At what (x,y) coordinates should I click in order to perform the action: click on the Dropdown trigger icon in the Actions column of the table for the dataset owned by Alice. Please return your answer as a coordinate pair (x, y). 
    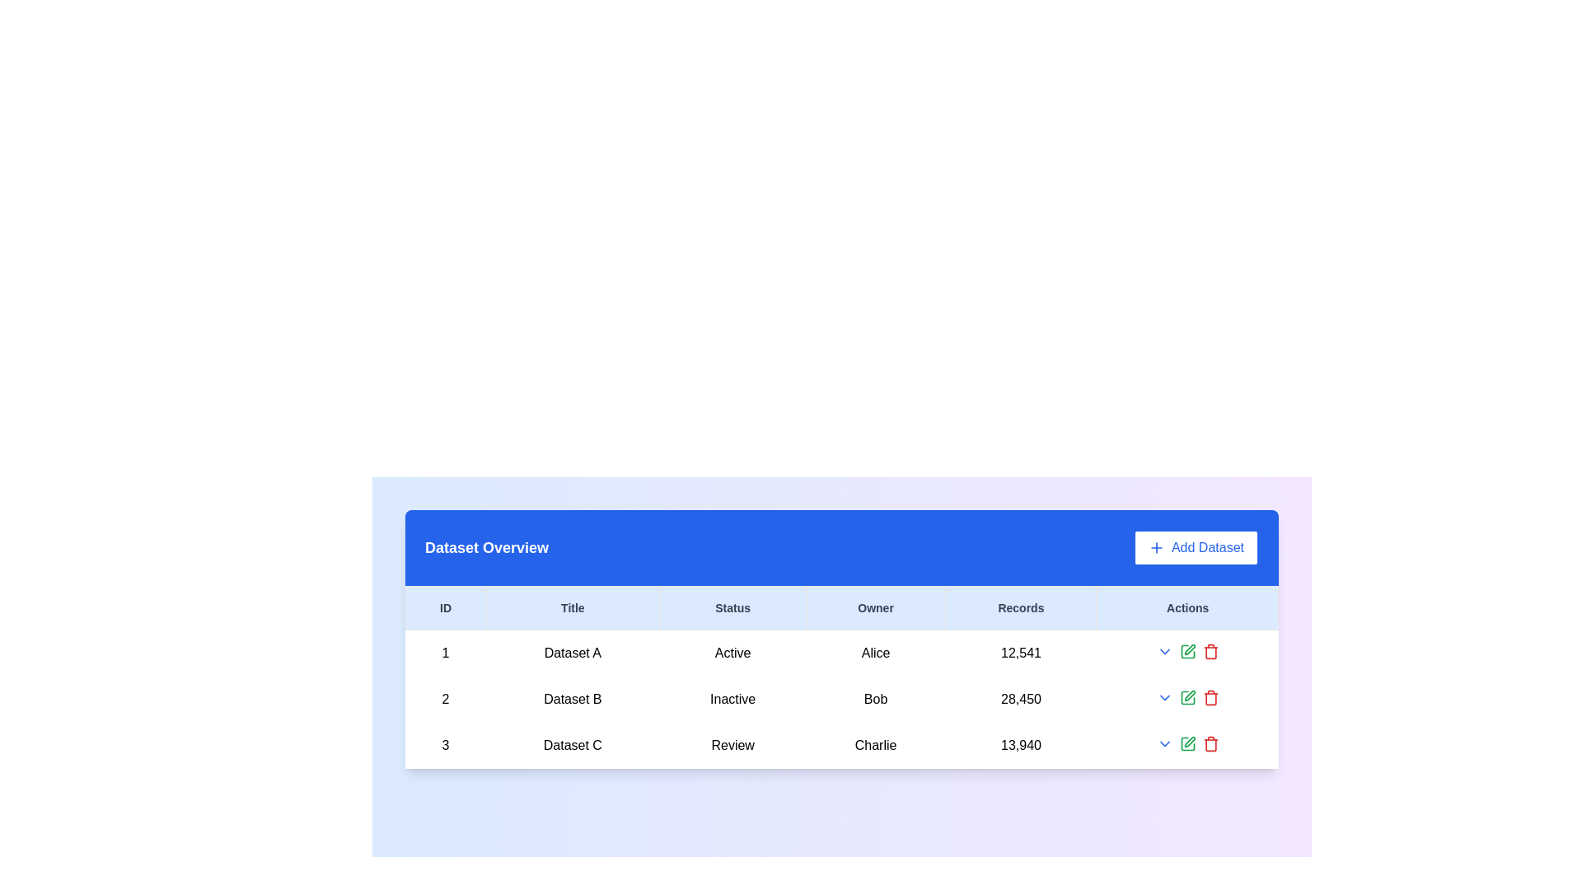
    Looking at the image, I should click on (1163, 650).